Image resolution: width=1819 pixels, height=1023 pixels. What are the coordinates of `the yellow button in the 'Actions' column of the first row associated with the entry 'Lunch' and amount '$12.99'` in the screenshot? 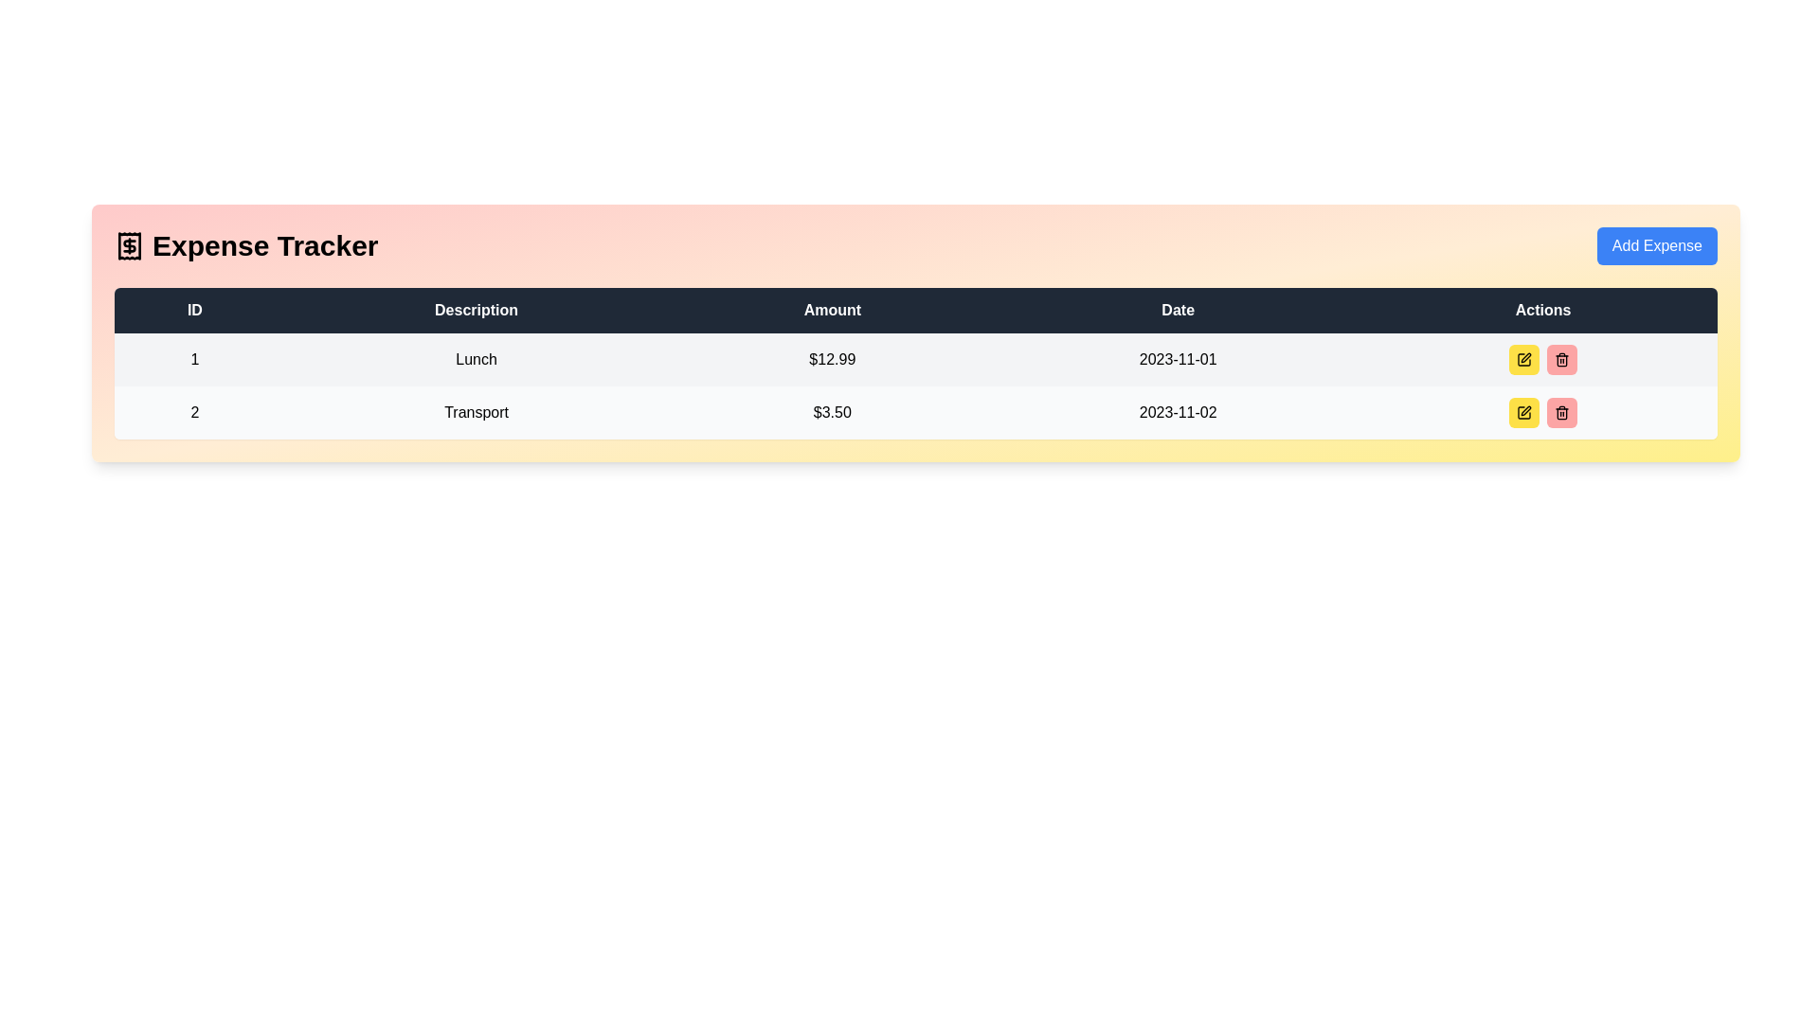 It's located at (1543, 360).